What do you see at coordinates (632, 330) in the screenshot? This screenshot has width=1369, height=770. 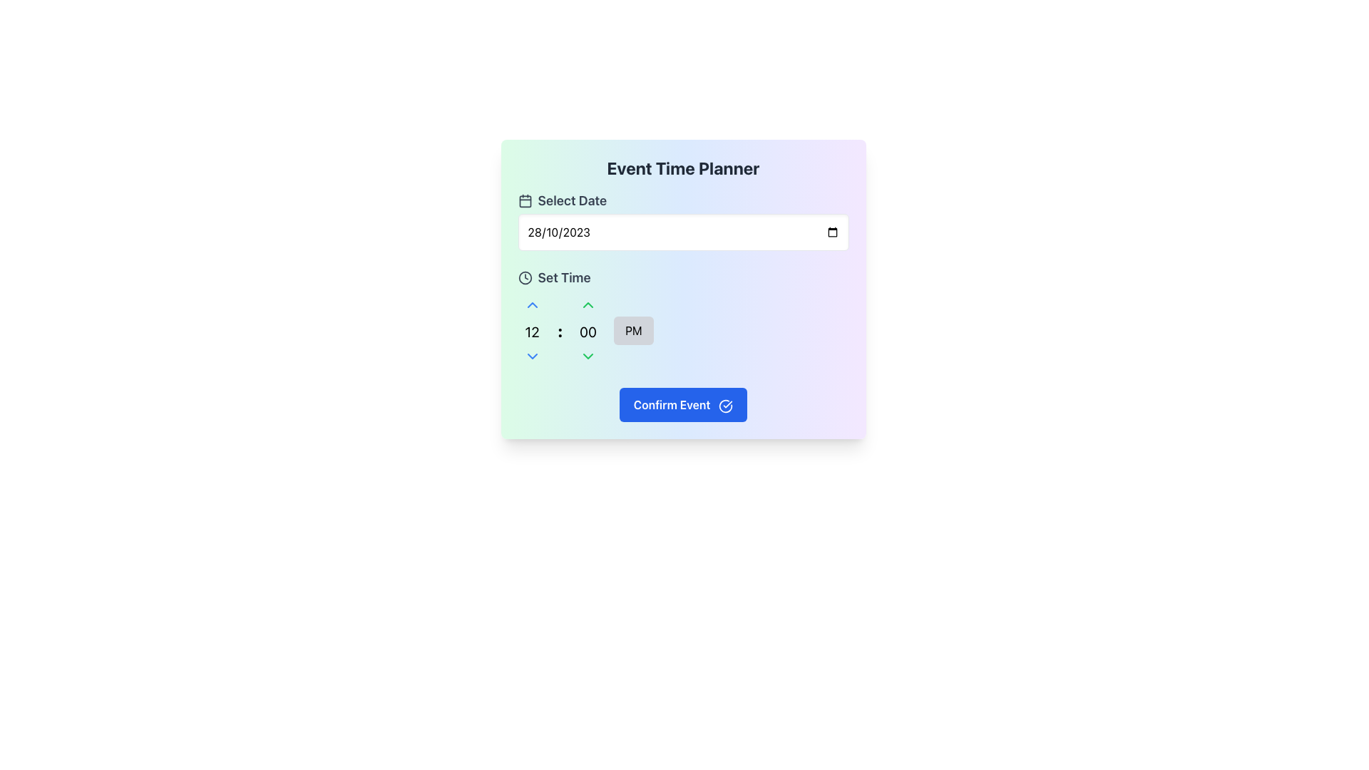 I see `the static text indicator that displays 'PM' in the time selection interface, positioned to the right of '12:00' and separated by noticeable space` at bounding box center [632, 330].